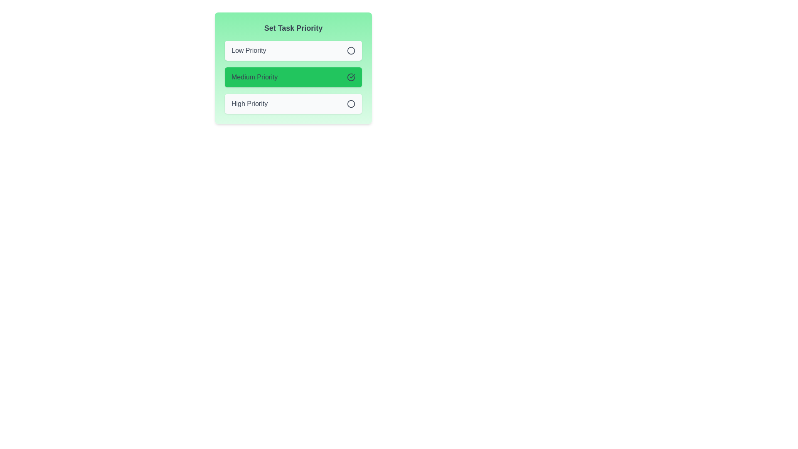  I want to click on the graphical toggle component adjacent to the 'Low Priority' label, so click(351, 50).